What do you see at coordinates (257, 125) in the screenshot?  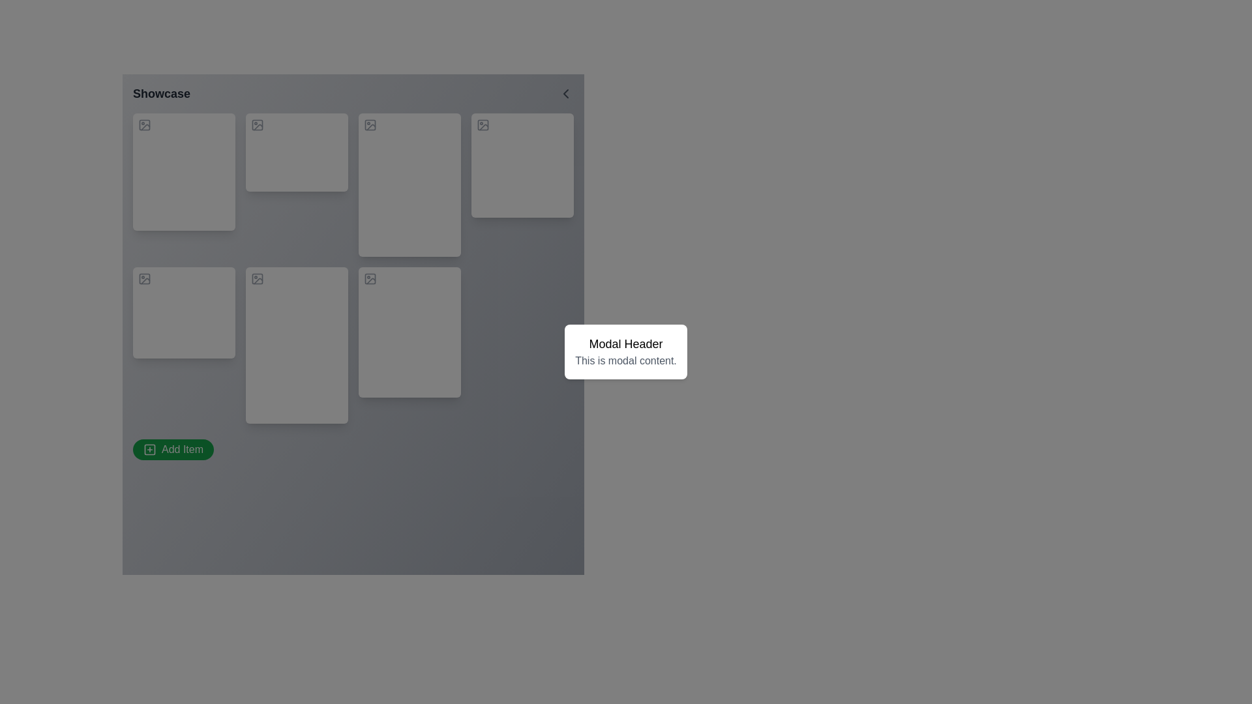 I see `the icon resembling a stylized image thumbnail, which is located at the top-left corner of a rectangular card in the grid layout` at bounding box center [257, 125].